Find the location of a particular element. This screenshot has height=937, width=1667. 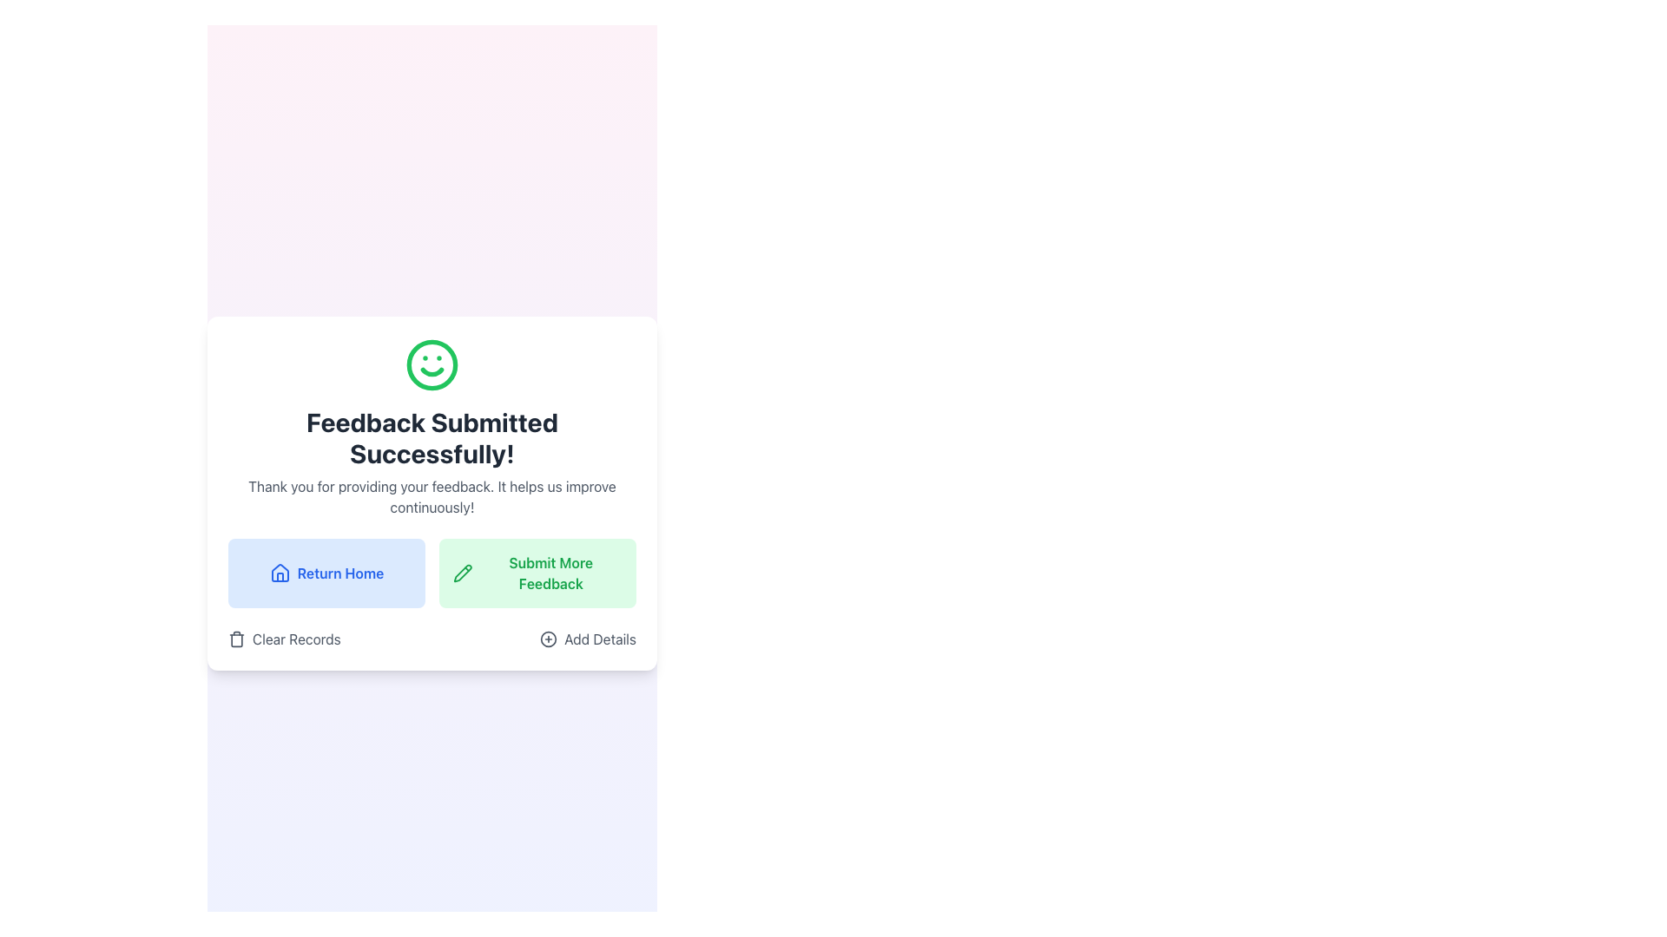

the smile segment of the 'lucide-smile' SVG icon located at the top center of the feedback confirmation modal to indicate positive feedback submission is located at coordinates (432, 370).